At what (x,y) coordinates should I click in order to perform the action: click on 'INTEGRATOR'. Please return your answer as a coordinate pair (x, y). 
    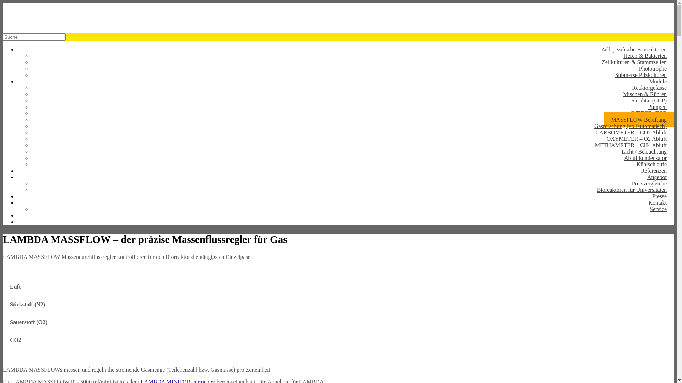
    Looking at the image, I should click on (649, 113).